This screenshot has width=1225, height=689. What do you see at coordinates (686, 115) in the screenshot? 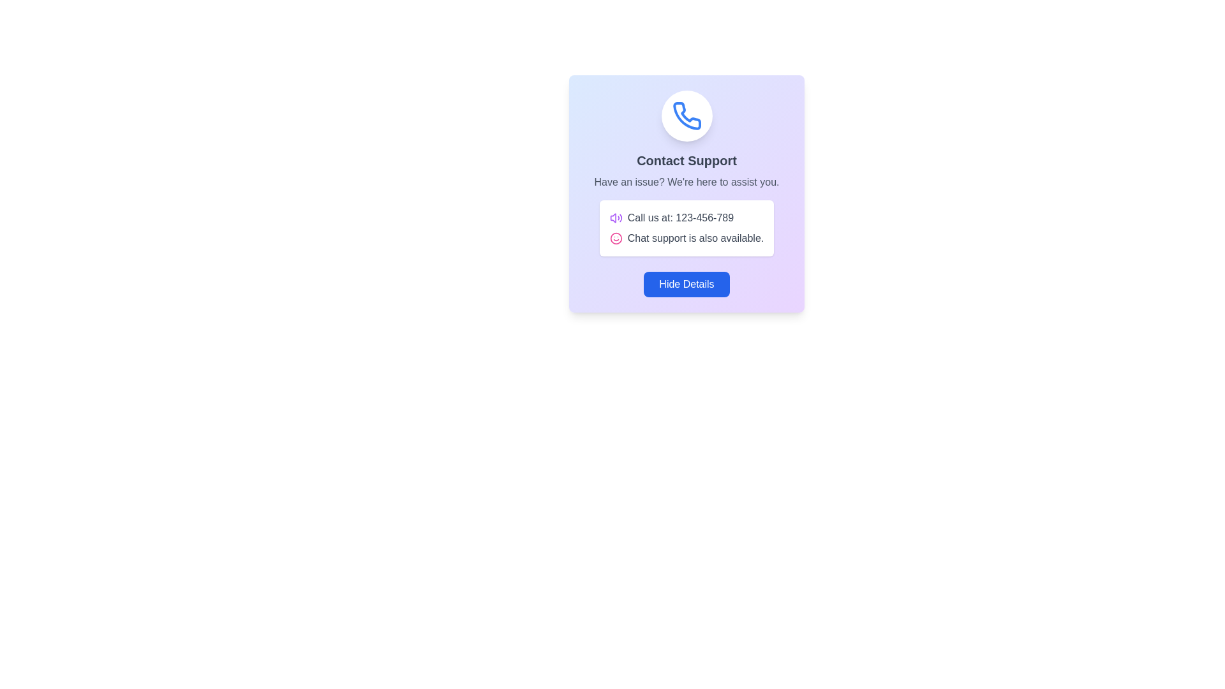
I see `the contact icon located at the top of the card-like dialog box, centered above the title 'Contact Support' for interaction` at bounding box center [686, 115].